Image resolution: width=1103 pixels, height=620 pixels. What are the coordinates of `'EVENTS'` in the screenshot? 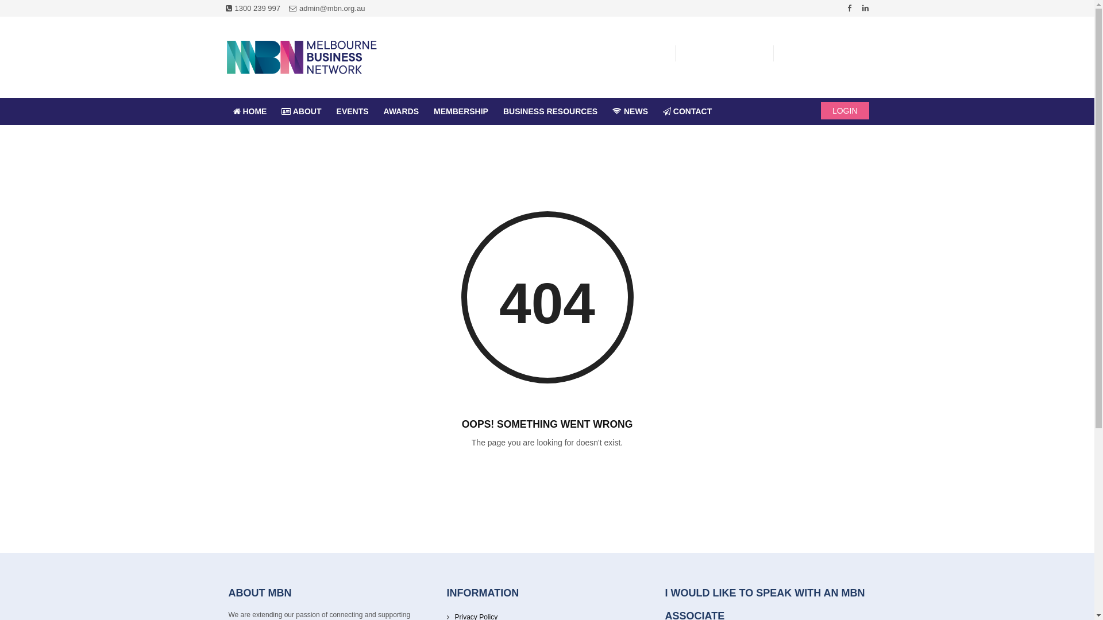 It's located at (352, 111).